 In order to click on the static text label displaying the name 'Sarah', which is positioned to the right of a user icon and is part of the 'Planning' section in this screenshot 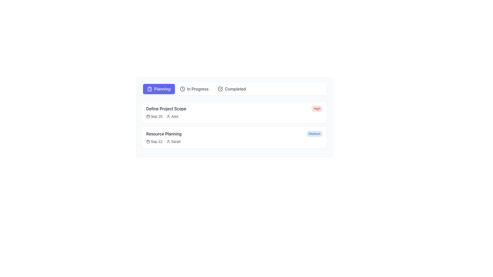, I will do `click(176, 141)`.